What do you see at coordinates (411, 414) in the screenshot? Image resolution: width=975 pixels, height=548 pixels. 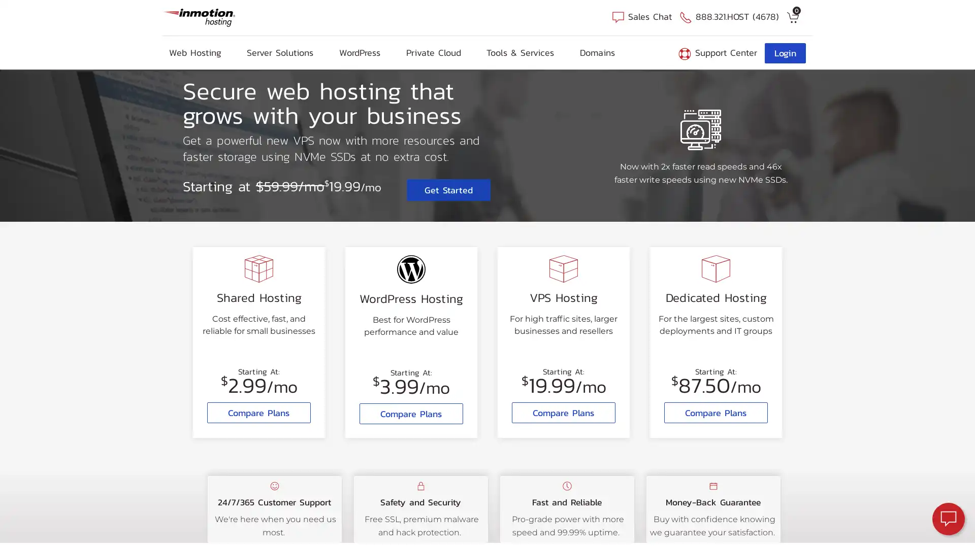 I see `Compare Plans` at bounding box center [411, 414].